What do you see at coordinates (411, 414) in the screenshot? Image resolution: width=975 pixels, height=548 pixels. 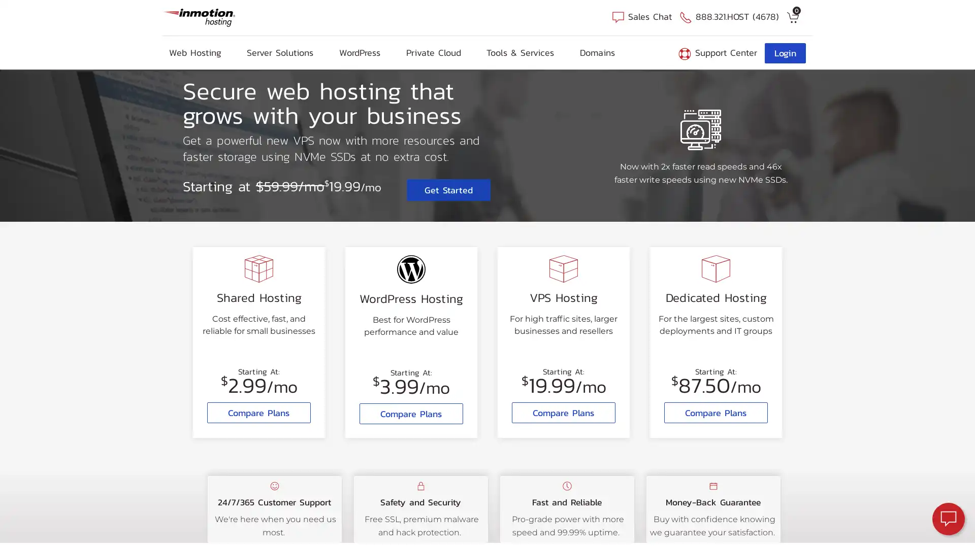 I see `Compare Plans` at bounding box center [411, 414].